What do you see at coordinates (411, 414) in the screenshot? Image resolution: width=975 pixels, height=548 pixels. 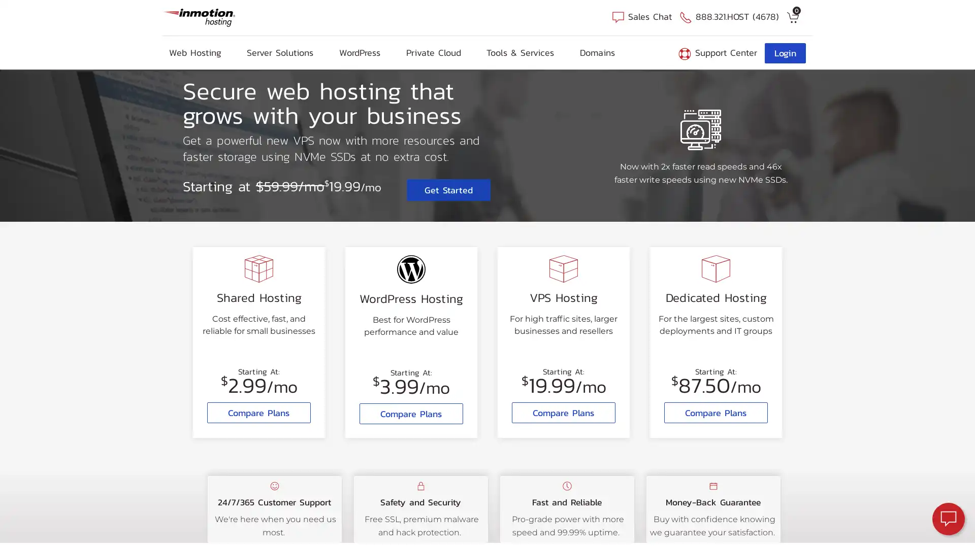 I see `Compare Plans` at bounding box center [411, 414].